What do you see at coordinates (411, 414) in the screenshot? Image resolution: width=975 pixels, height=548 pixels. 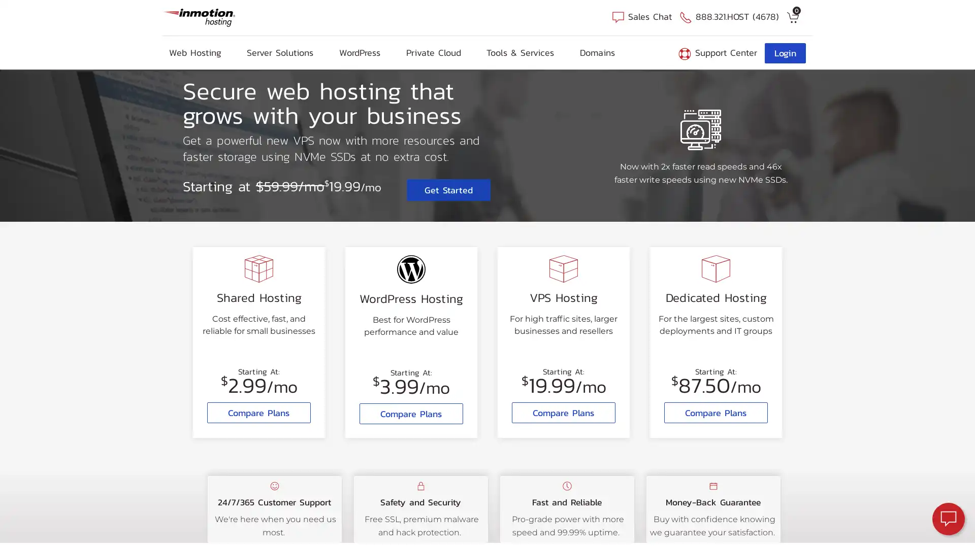 I see `Compare Plans` at bounding box center [411, 414].